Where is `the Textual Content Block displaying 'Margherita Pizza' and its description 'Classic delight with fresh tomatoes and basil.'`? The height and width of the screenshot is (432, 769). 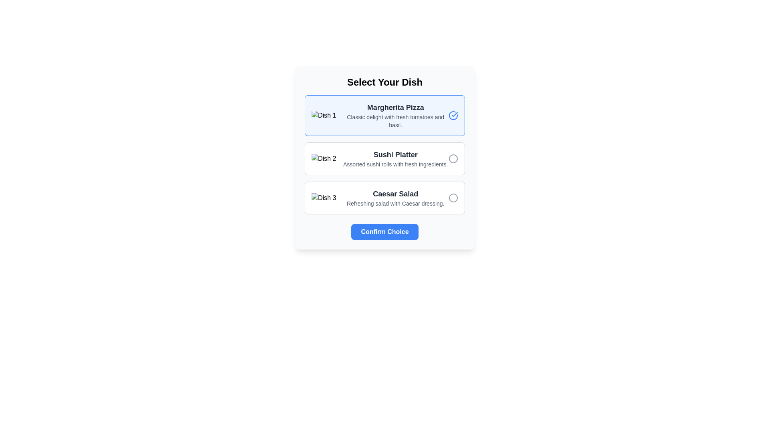
the Textual Content Block displaying 'Margherita Pizza' and its description 'Classic delight with fresh tomatoes and basil.' is located at coordinates (395, 116).